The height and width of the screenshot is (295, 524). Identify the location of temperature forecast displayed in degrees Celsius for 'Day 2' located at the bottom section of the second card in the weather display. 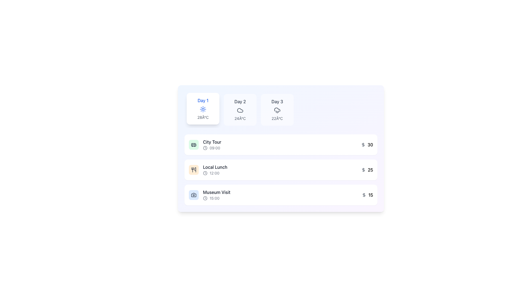
(240, 118).